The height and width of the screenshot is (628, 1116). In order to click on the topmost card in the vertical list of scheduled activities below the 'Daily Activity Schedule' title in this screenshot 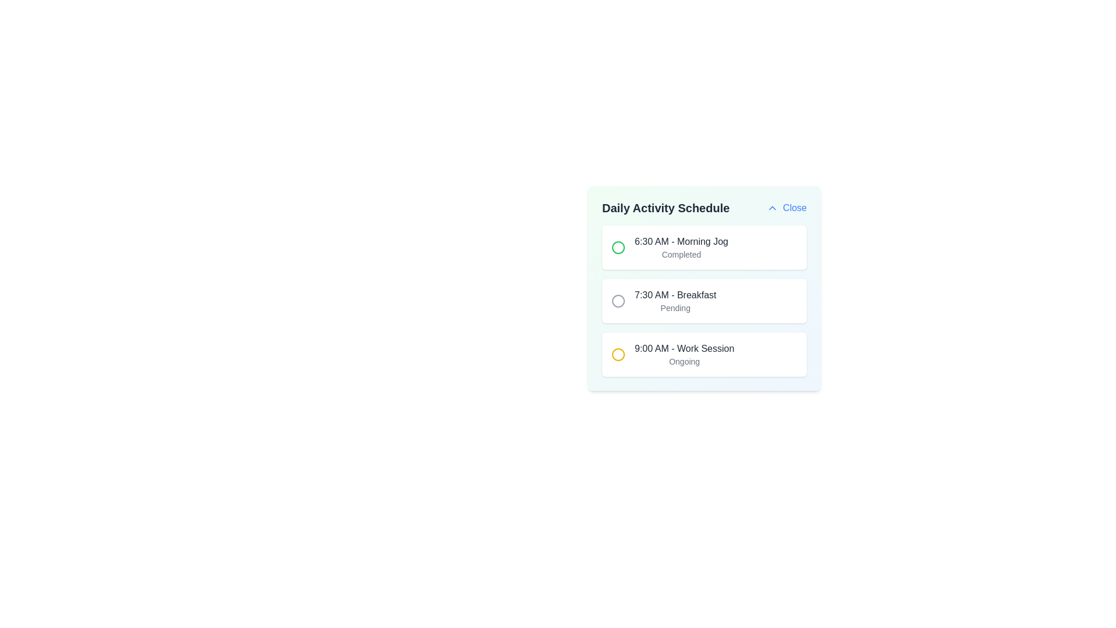, I will do `click(703, 247)`.